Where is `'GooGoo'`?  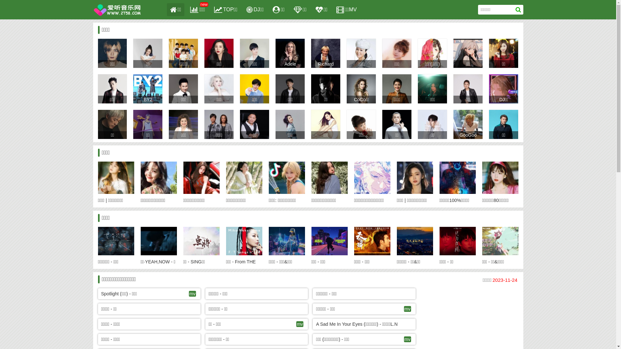 'GooGoo' is located at coordinates (459, 134).